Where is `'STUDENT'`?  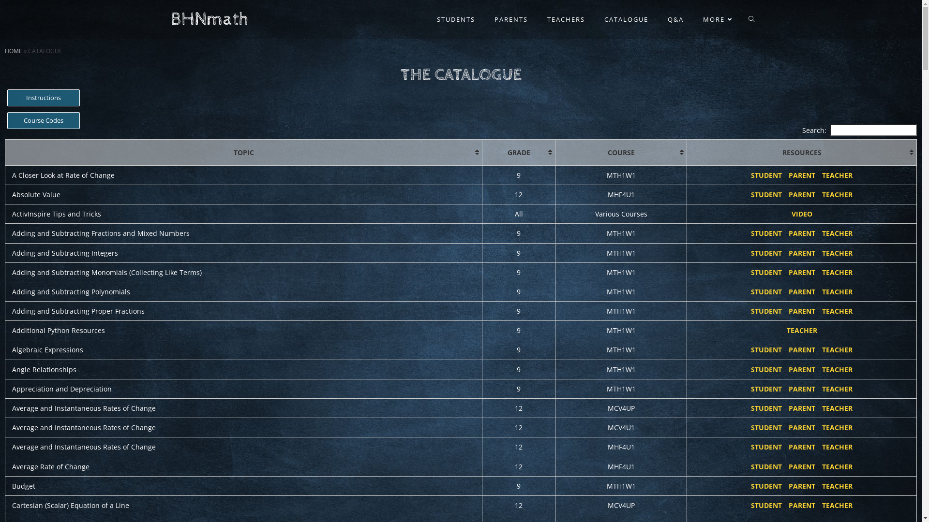
'STUDENT' is located at coordinates (750, 175).